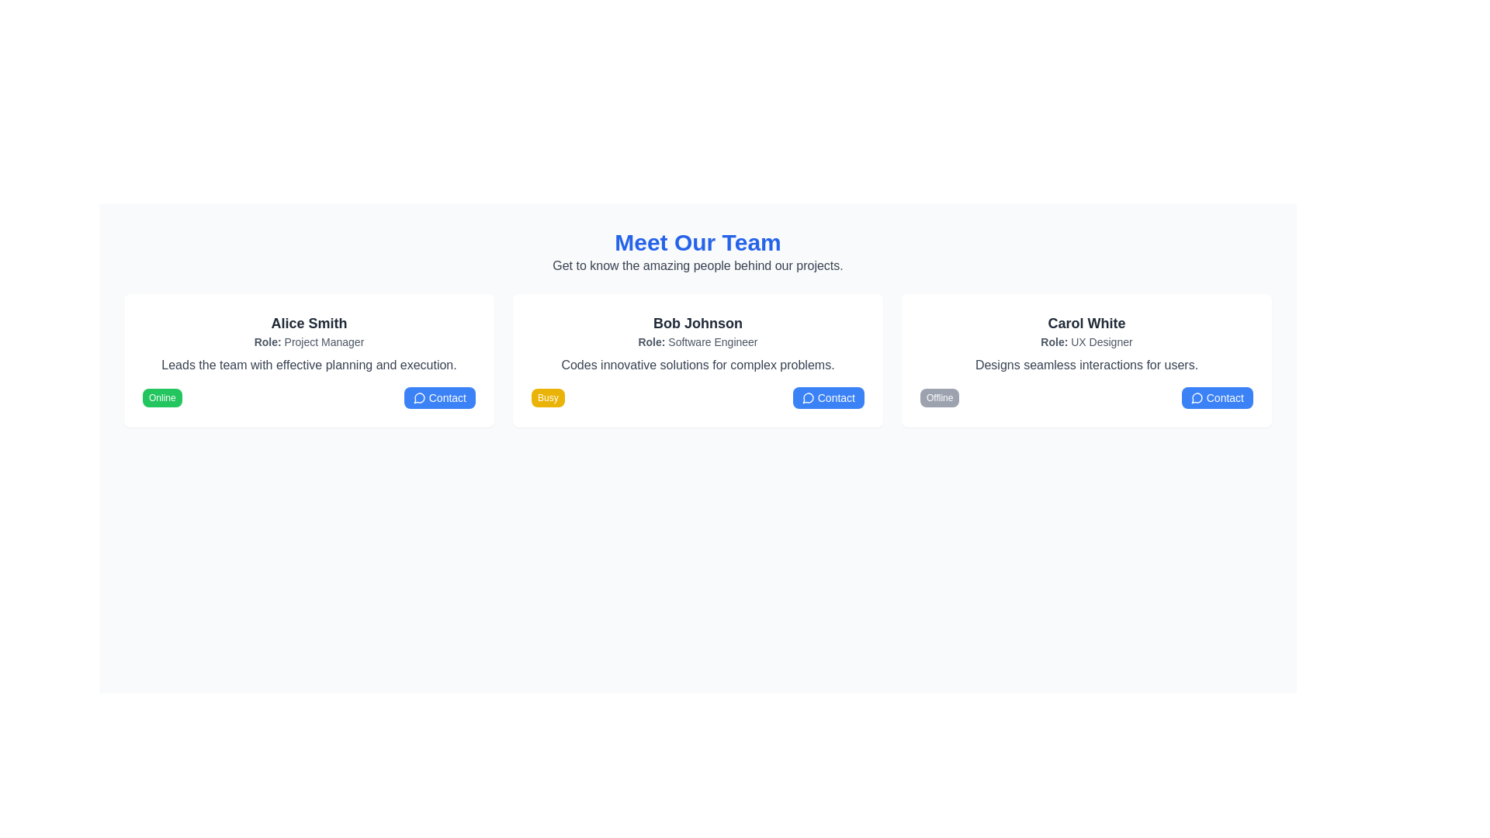 The width and height of the screenshot is (1490, 838). What do you see at coordinates (697, 365) in the screenshot?
I see `descriptive text label located within the 'Bob Johnson' card in the 'Meet Our Team' section, positioned below the 'Role: Software Engineer' text` at bounding box center [697, 365].